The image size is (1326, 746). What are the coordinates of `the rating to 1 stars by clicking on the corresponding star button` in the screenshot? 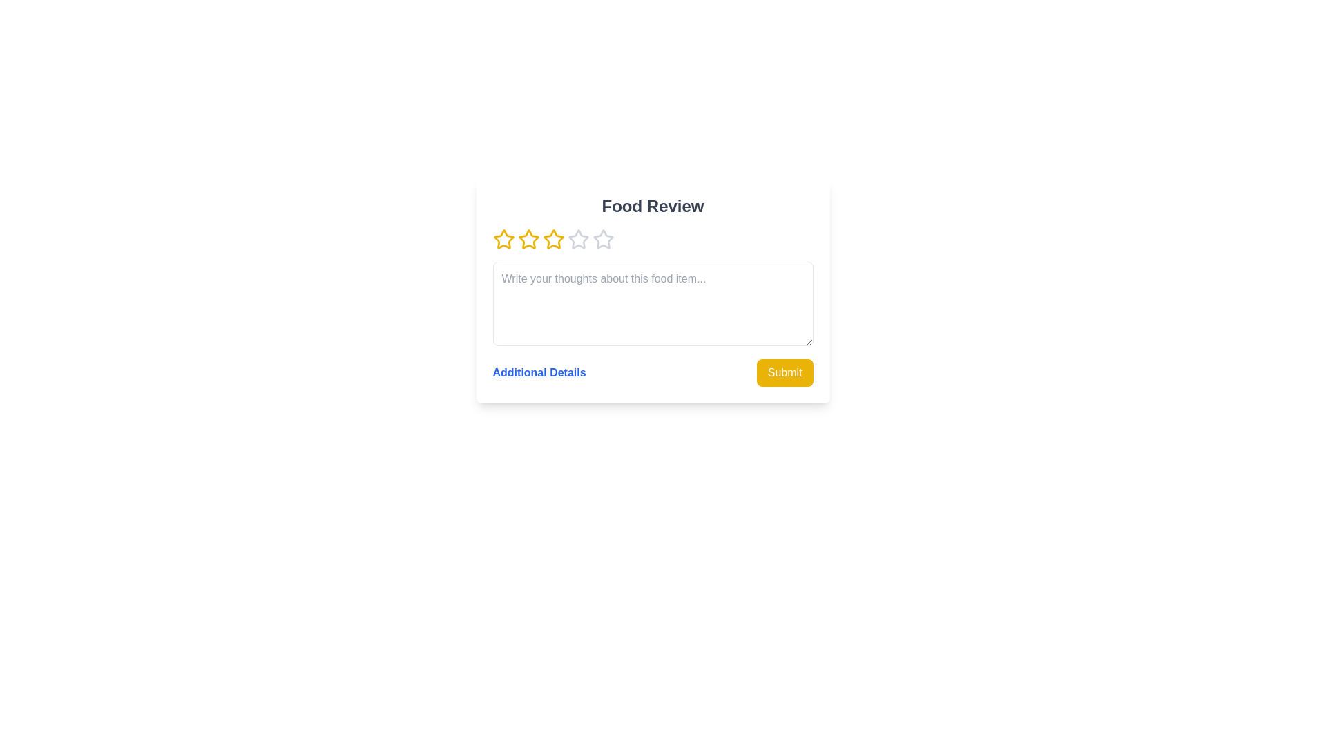 It's located at (503, 239).